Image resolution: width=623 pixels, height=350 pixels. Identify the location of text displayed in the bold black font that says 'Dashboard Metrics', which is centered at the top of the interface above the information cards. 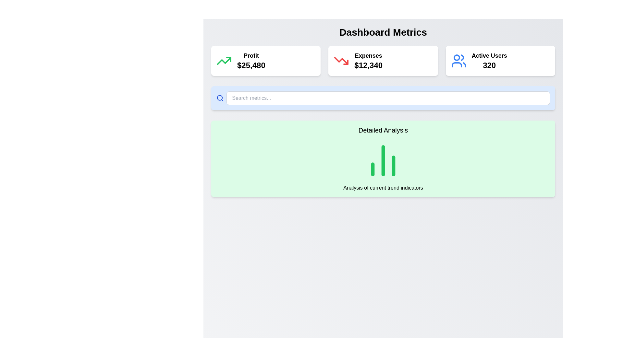
(383, 32).